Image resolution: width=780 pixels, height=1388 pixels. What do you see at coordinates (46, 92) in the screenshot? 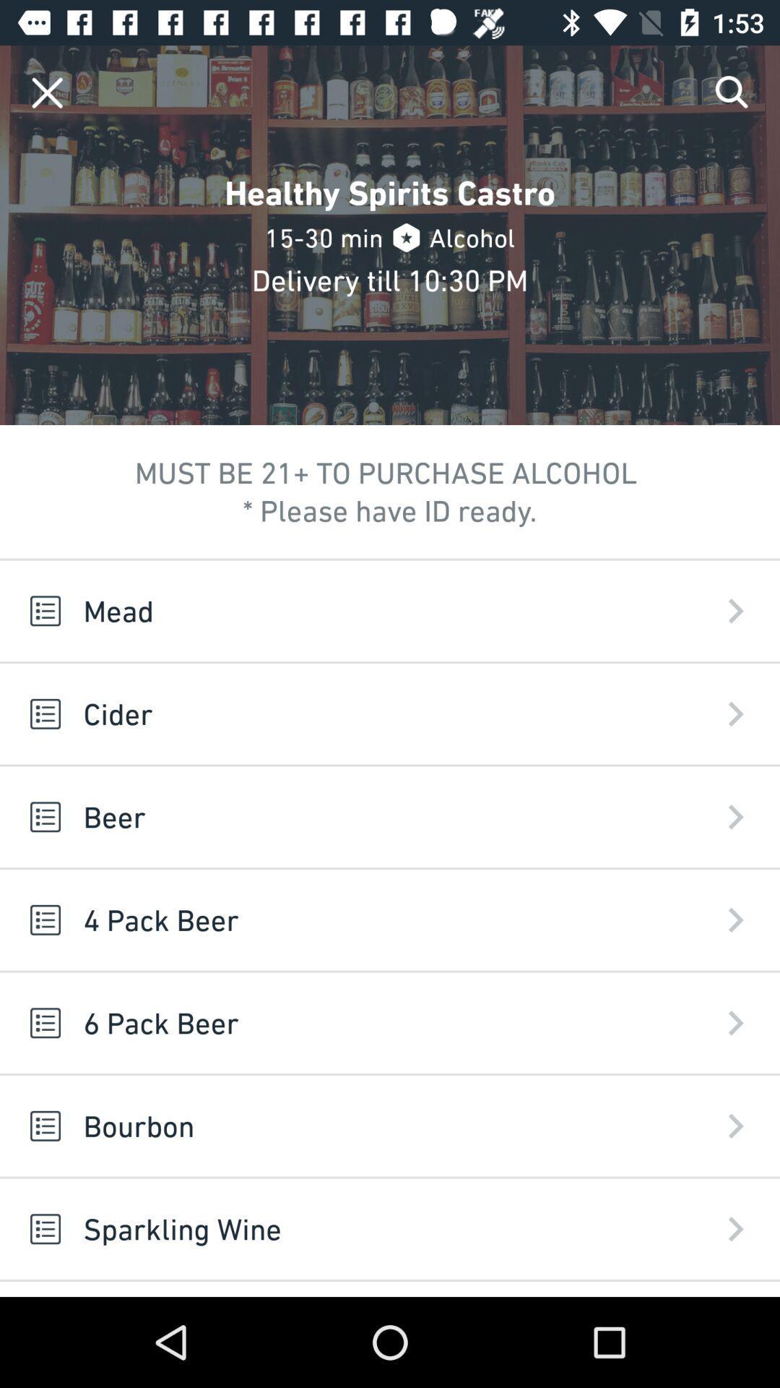
I see `page` at bounding box center [46, 92].